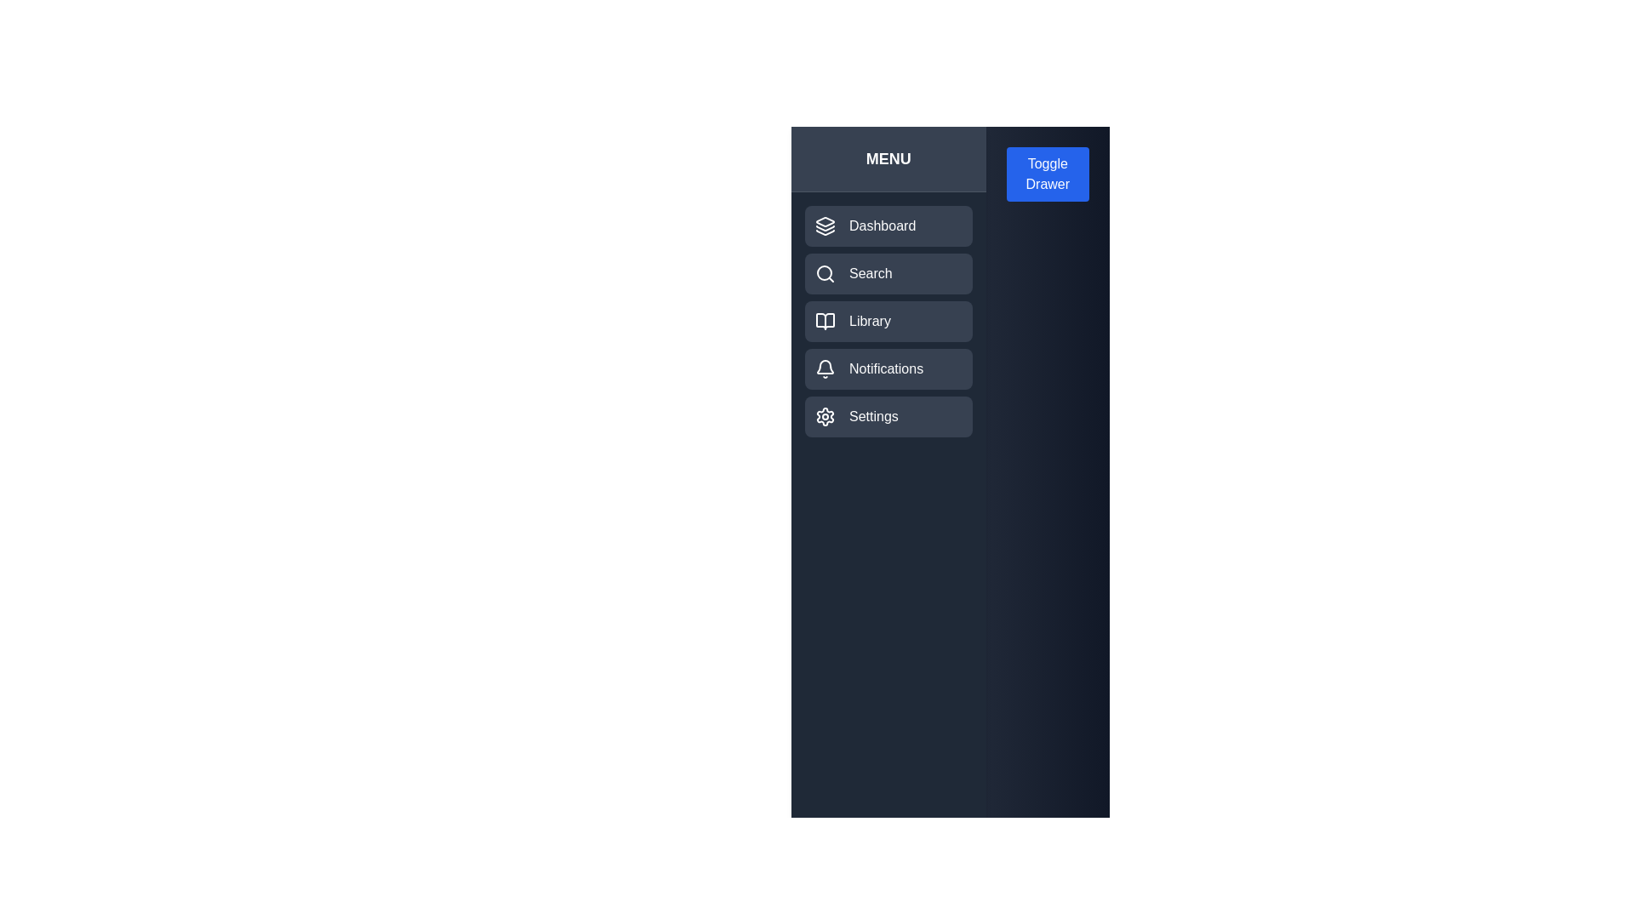  Describe the element at coordinates (887, 368) in the screenshot. I see `the menu item labeled Notifications` at that location.